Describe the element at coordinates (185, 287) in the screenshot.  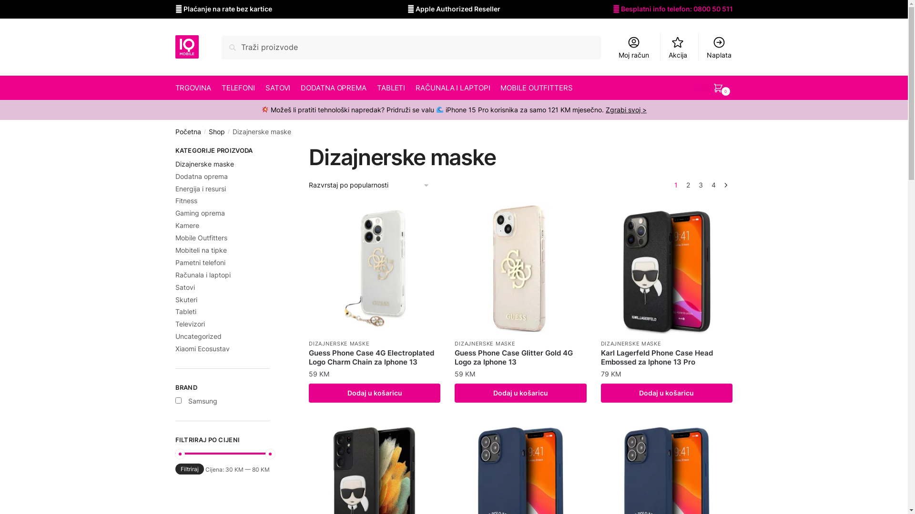
I see `'Satovi'` at that location.